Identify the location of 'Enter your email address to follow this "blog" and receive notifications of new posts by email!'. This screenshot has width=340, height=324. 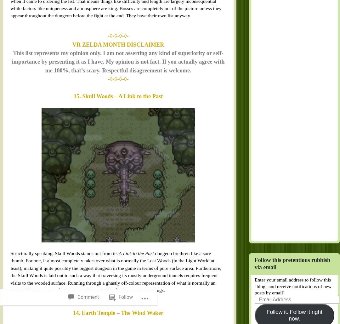
(244, 184).